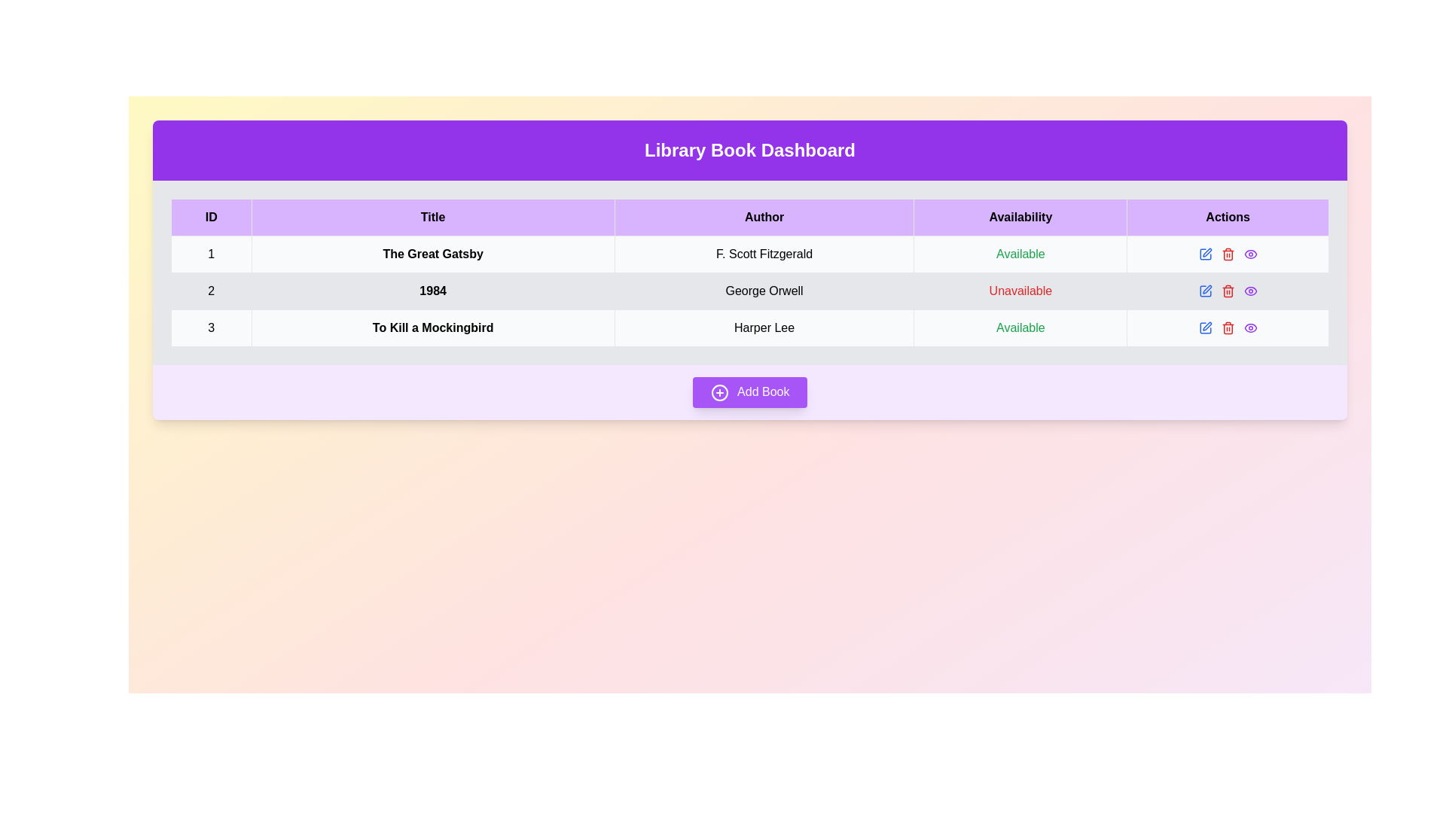 The image size is (1446, 813). What do you see at coordinates (1228, 254) in the screenshot?
I see `the red trash can icon button in the Actions column of the row for the book '1984'` at bounding box center [1228, 254].